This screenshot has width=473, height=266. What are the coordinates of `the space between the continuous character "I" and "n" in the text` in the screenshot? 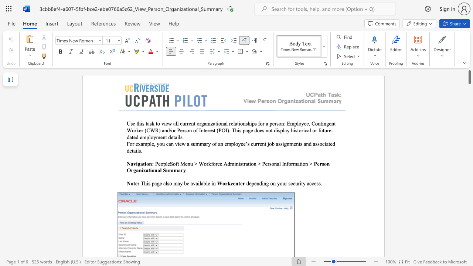 It's located at (284, 163).